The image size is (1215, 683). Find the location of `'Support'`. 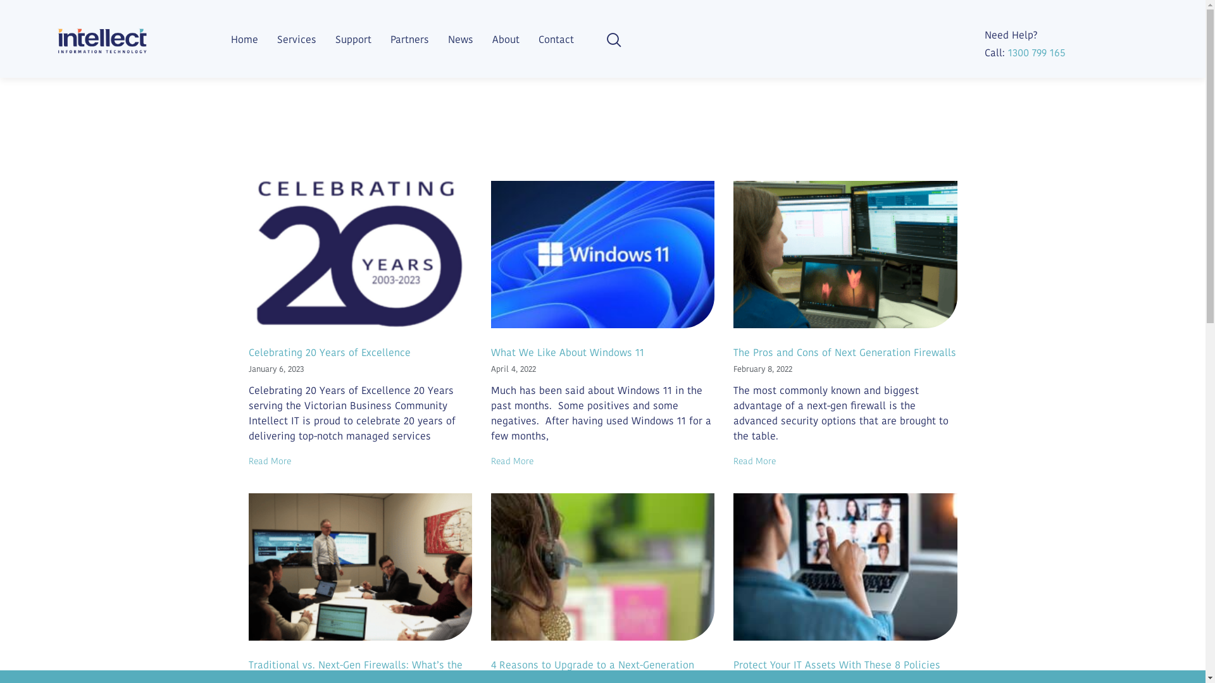

'Support' is located at coordinates (335, 39).